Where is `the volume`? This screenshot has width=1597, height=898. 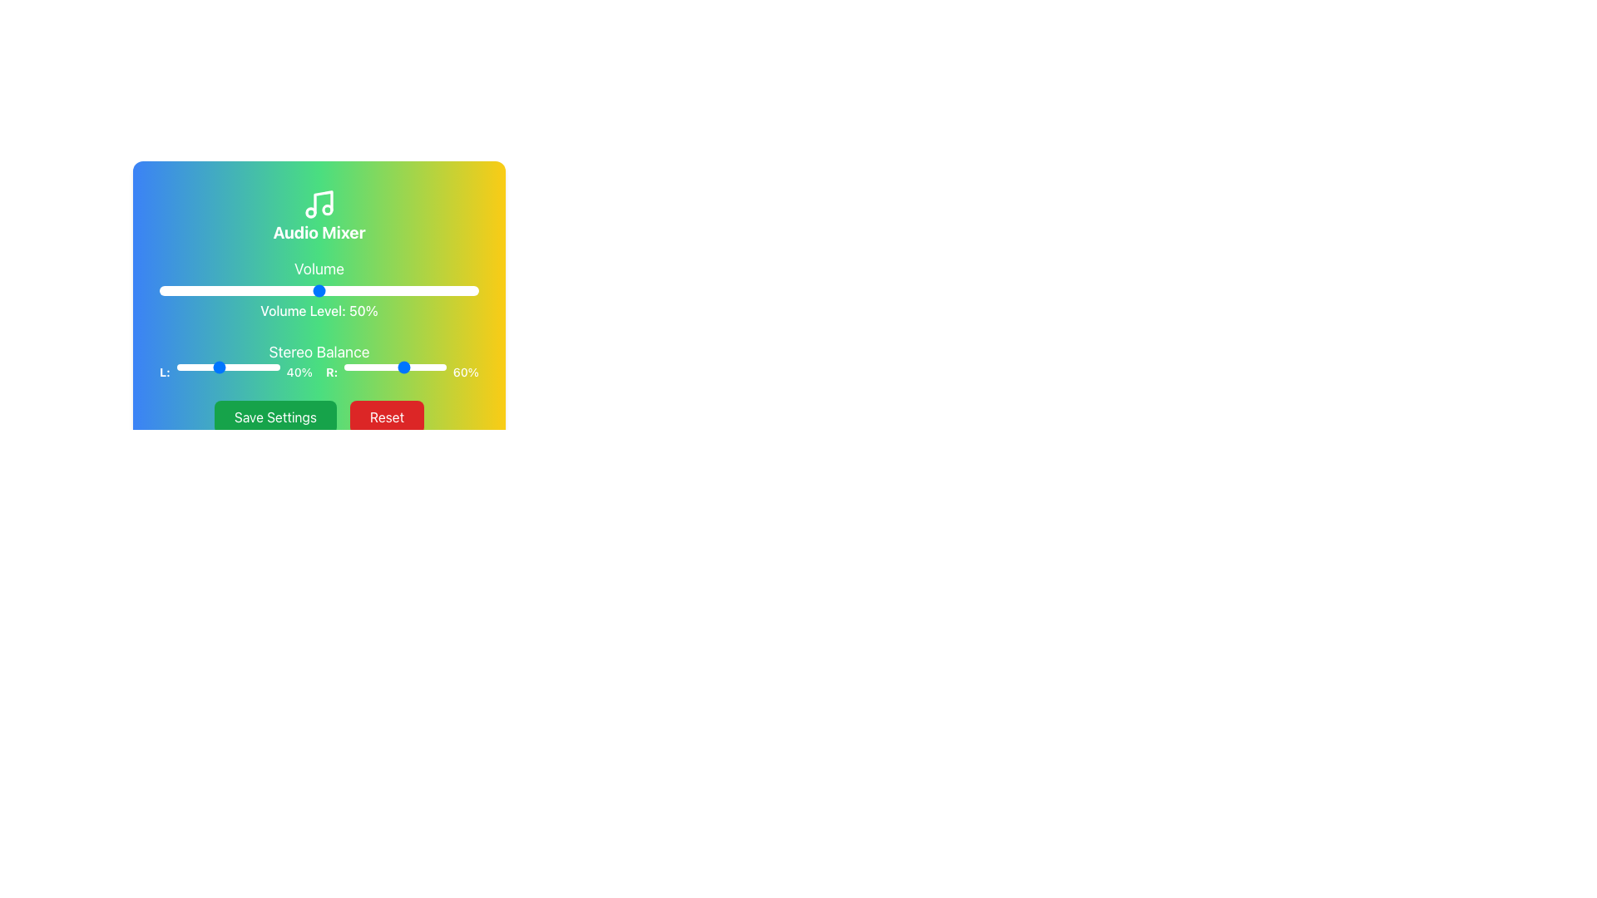
the volume is located at coordinates (466, 290).